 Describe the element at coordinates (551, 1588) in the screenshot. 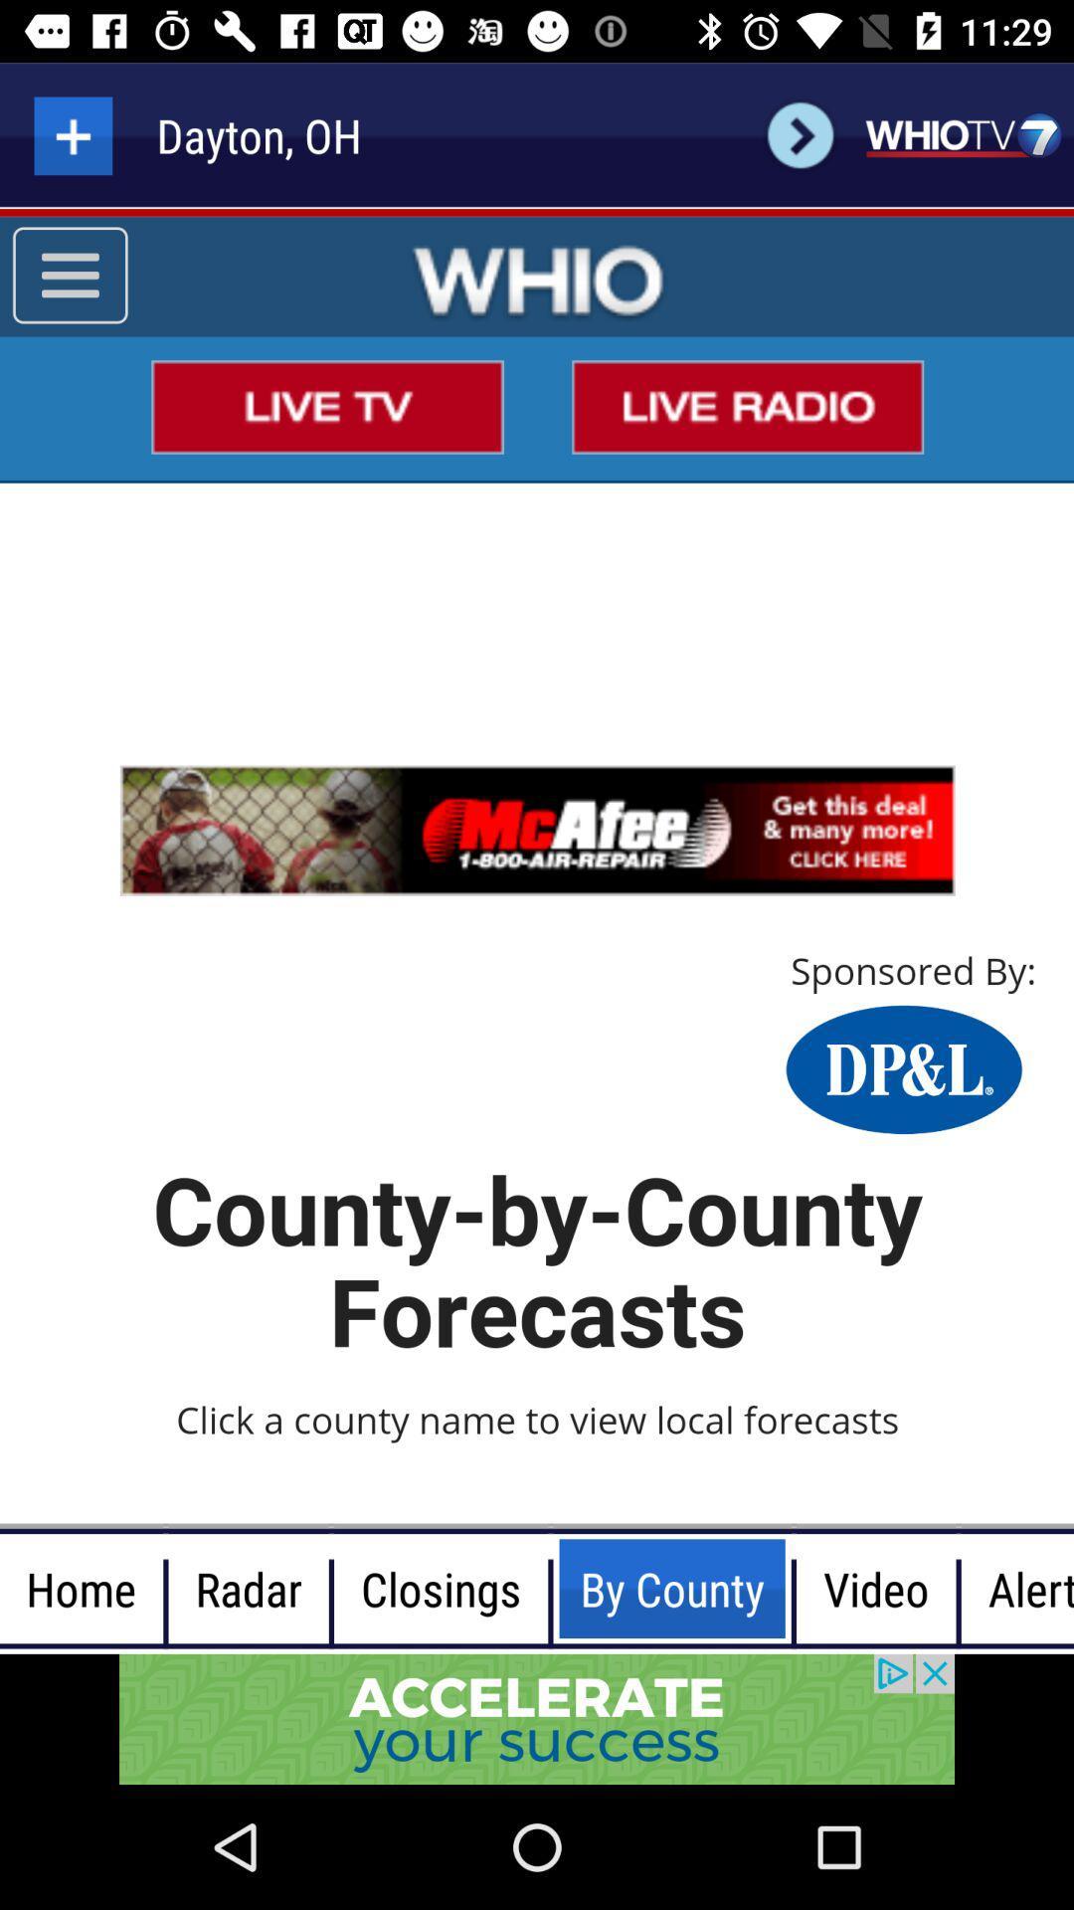

I see `the button by county at the bottom of the page` at that location.